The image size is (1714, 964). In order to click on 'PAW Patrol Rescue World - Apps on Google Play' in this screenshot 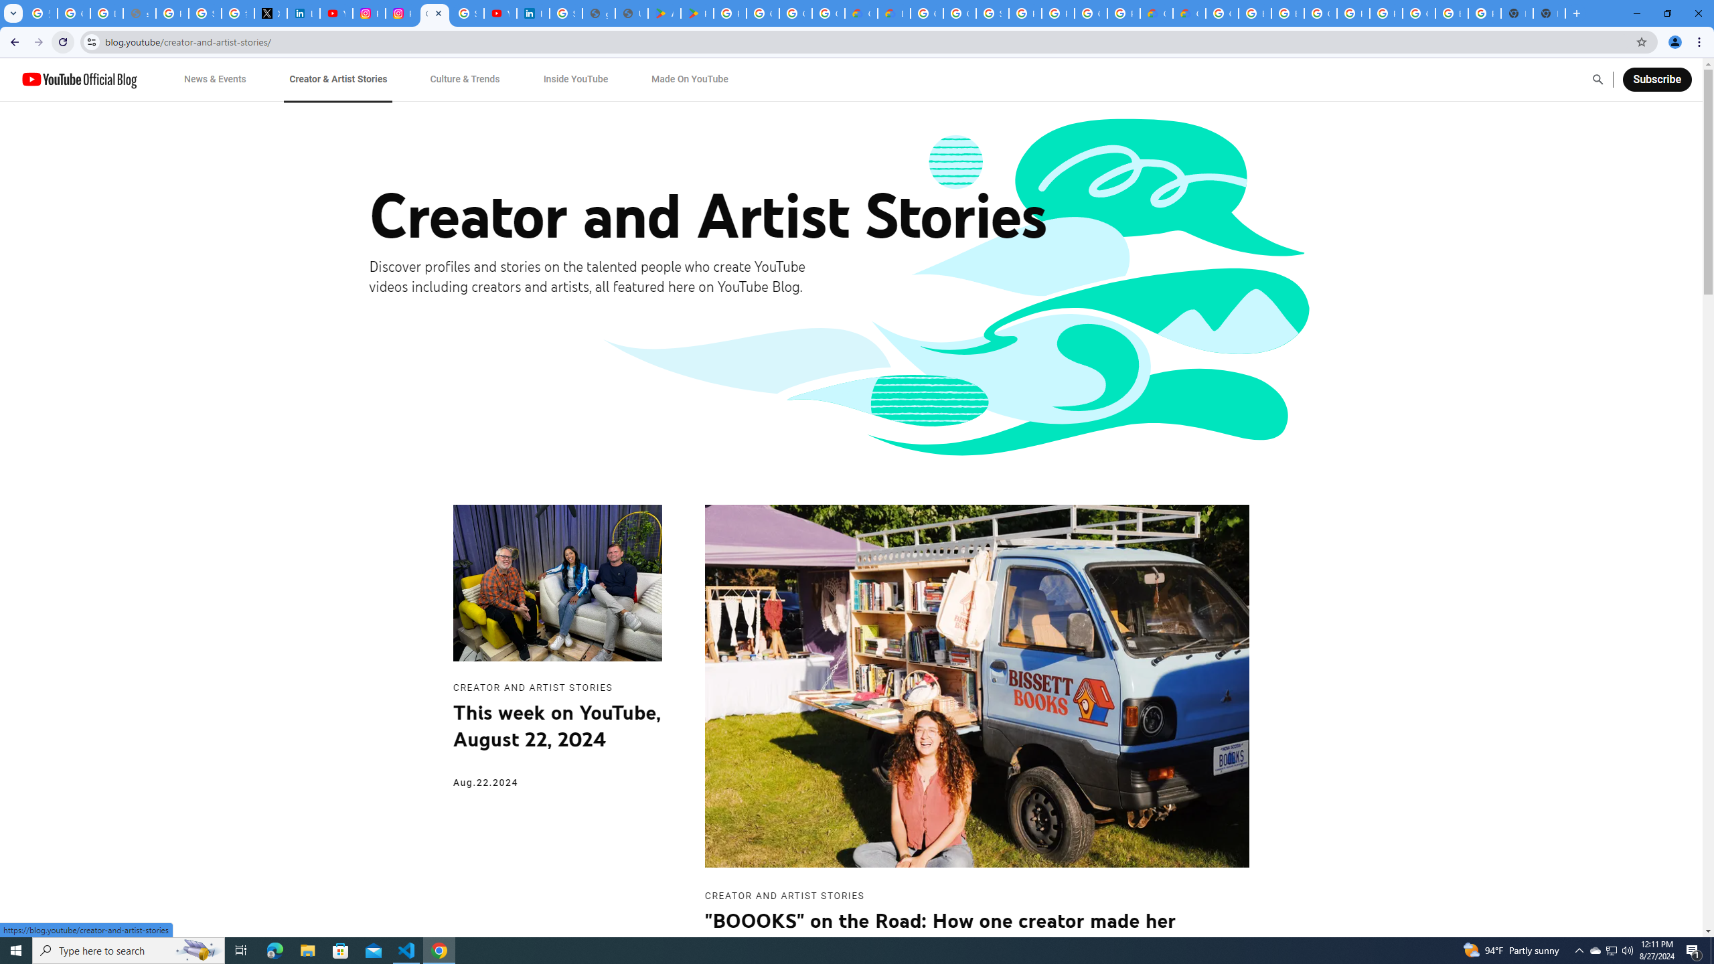, I will do `click(696, 13)`.